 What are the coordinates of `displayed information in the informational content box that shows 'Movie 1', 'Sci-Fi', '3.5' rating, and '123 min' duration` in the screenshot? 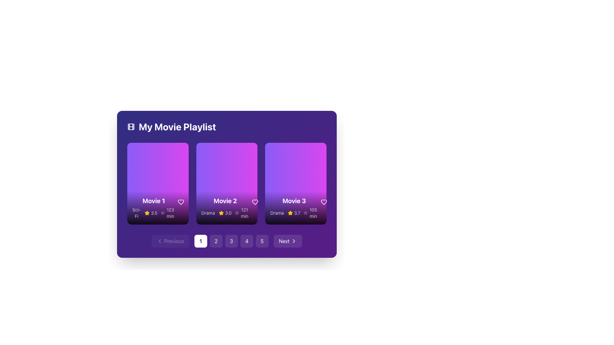 It's located at (158, 208).